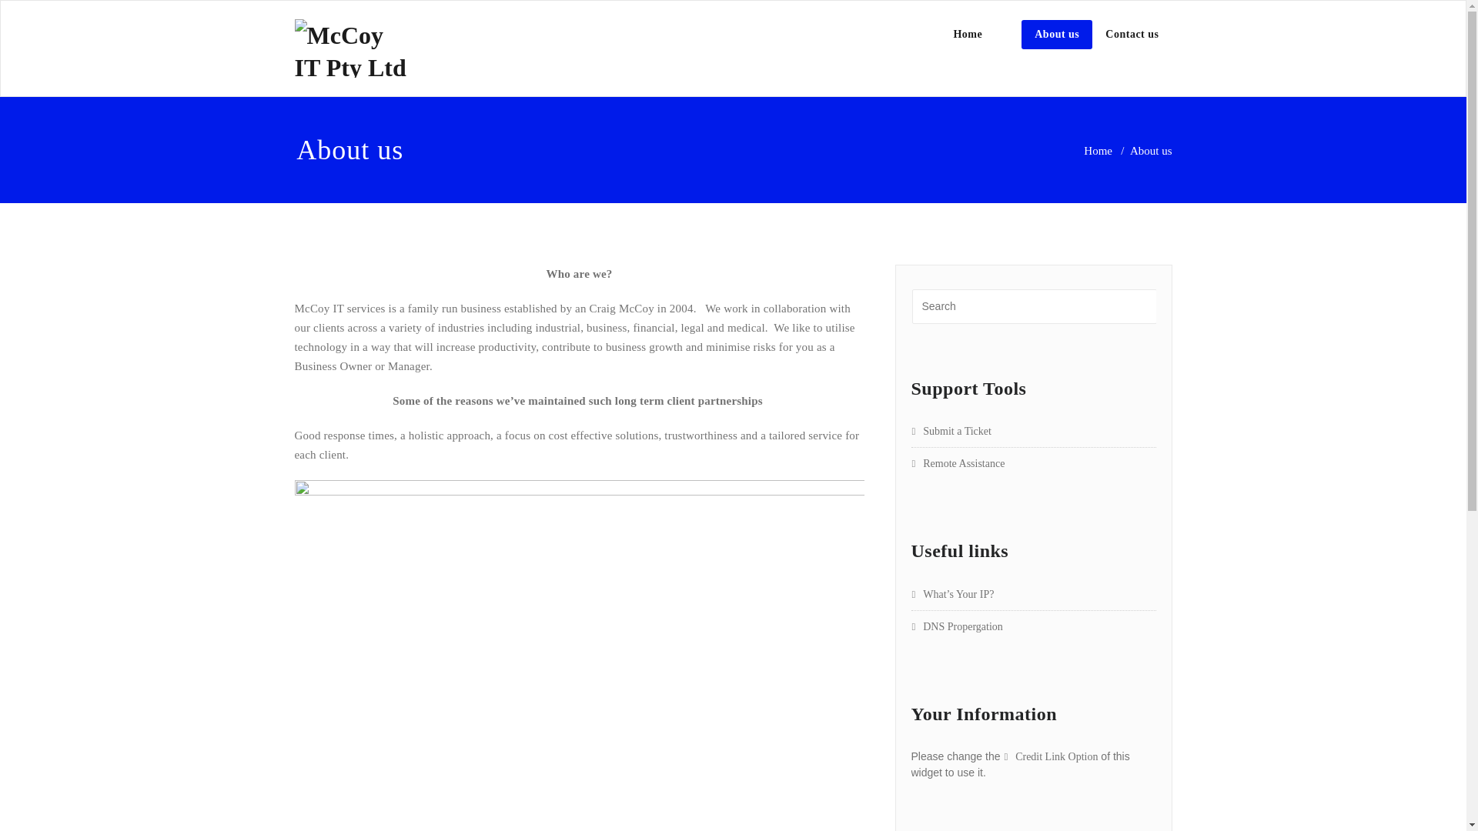 This screenshot has height=831, width=1478. Describe the element at coordinates (505, 38) in the screenshot. I see `'McCoy IT'` at that location.